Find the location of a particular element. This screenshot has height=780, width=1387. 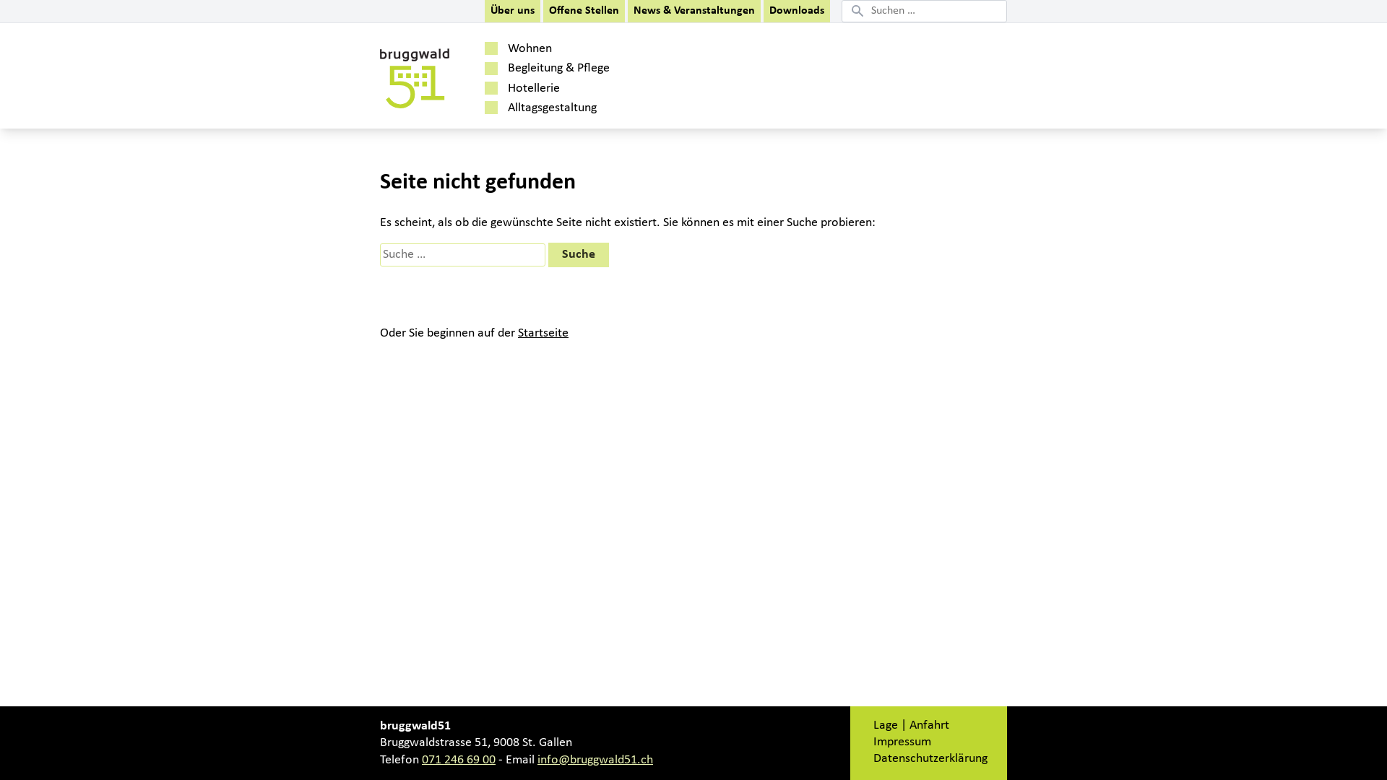

'Begleitung & Pflege' is located at coordinates (507, 68).